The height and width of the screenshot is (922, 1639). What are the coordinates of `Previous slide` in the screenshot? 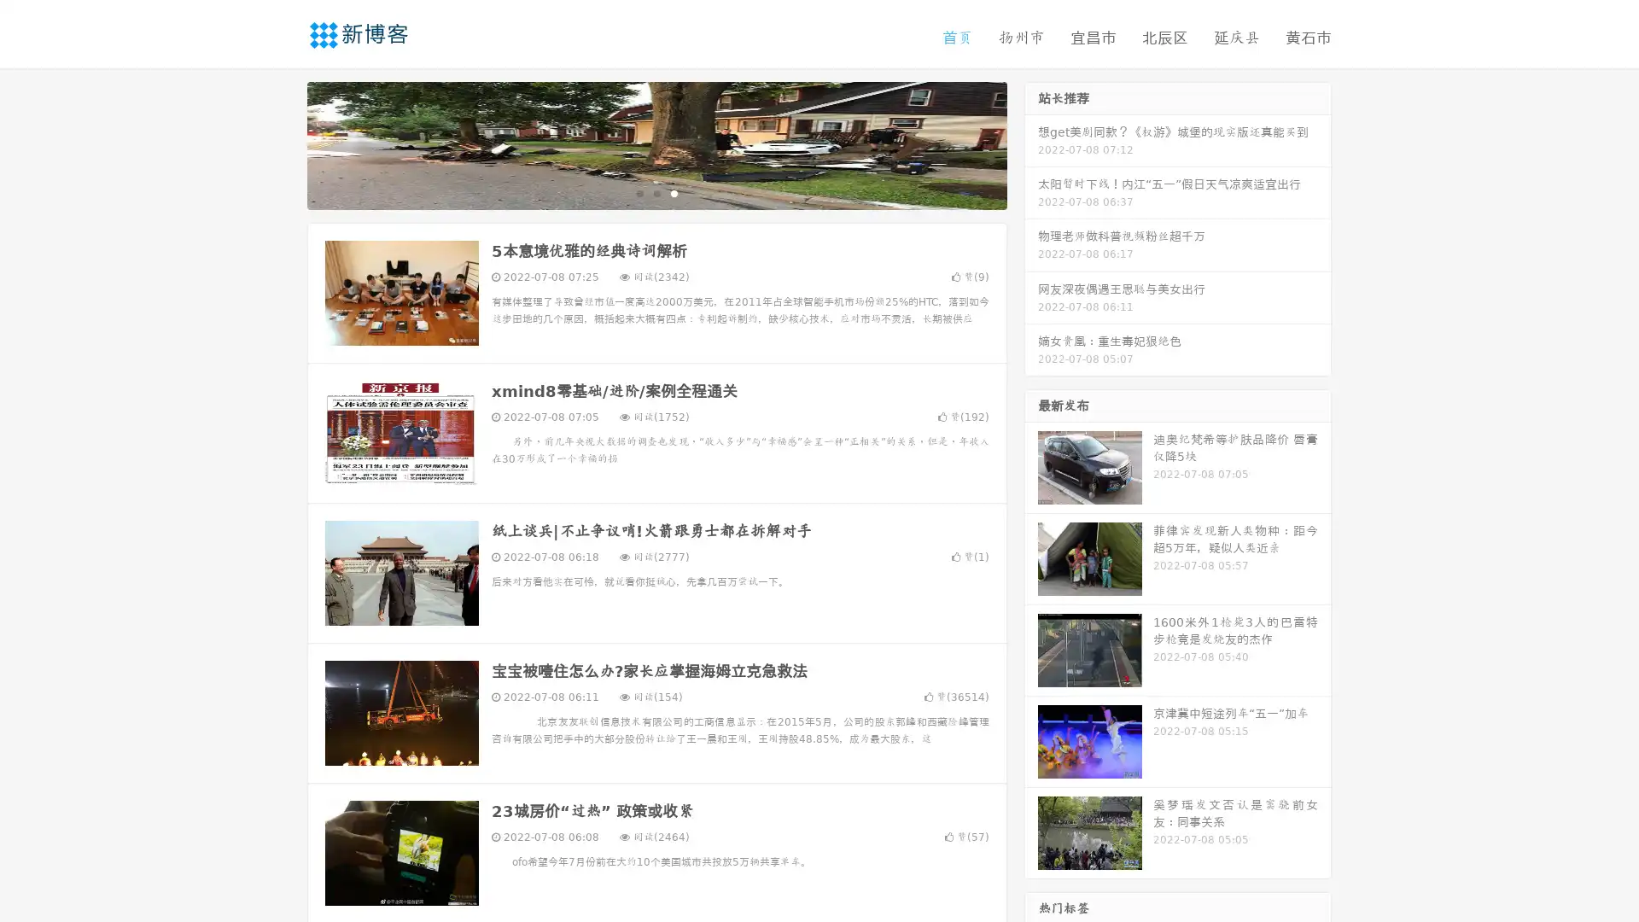 It's located at (282, 143).